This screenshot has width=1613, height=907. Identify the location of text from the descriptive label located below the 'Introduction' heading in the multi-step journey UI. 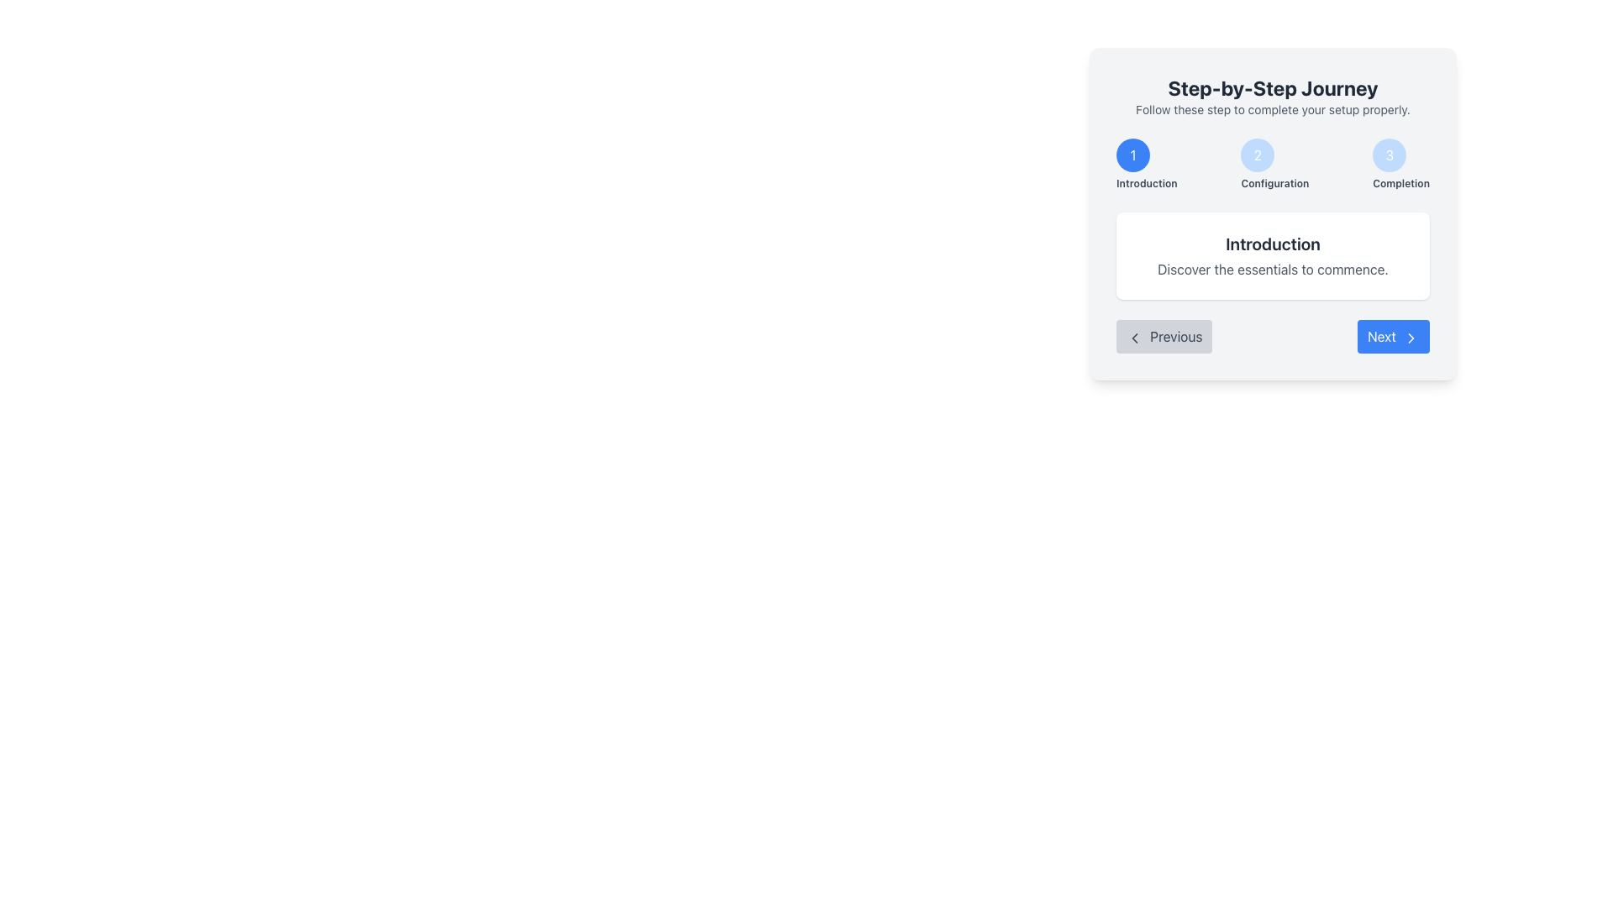
(1273, 268).